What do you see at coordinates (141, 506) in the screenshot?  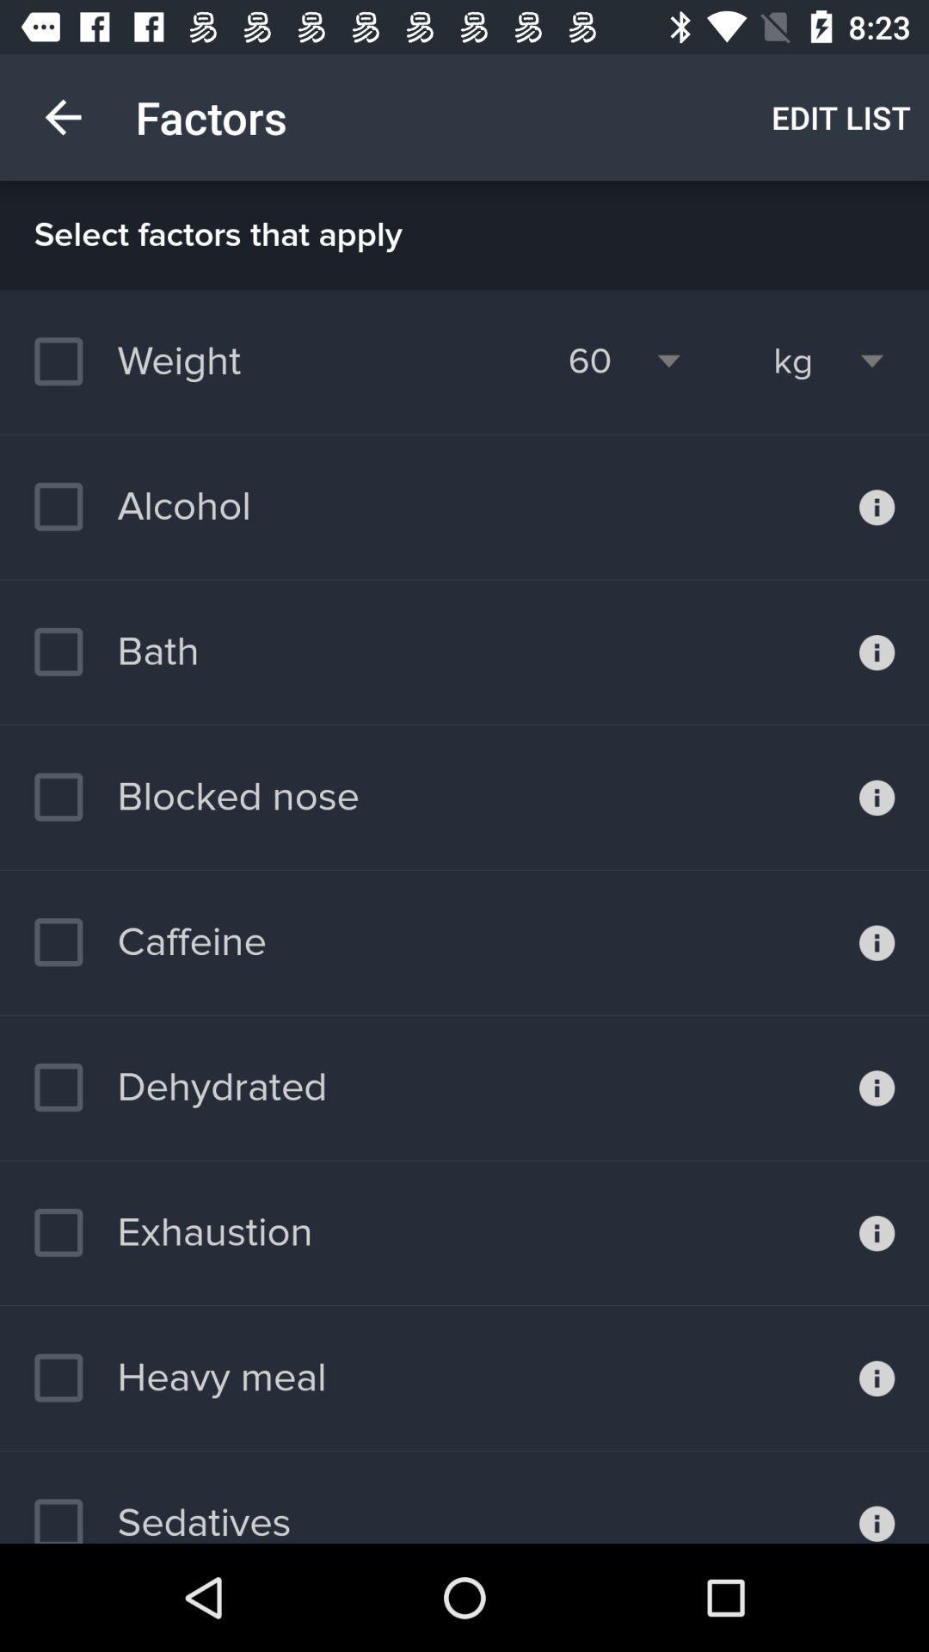 I see `the icon above the bath item` at bounding box center [141, 506].